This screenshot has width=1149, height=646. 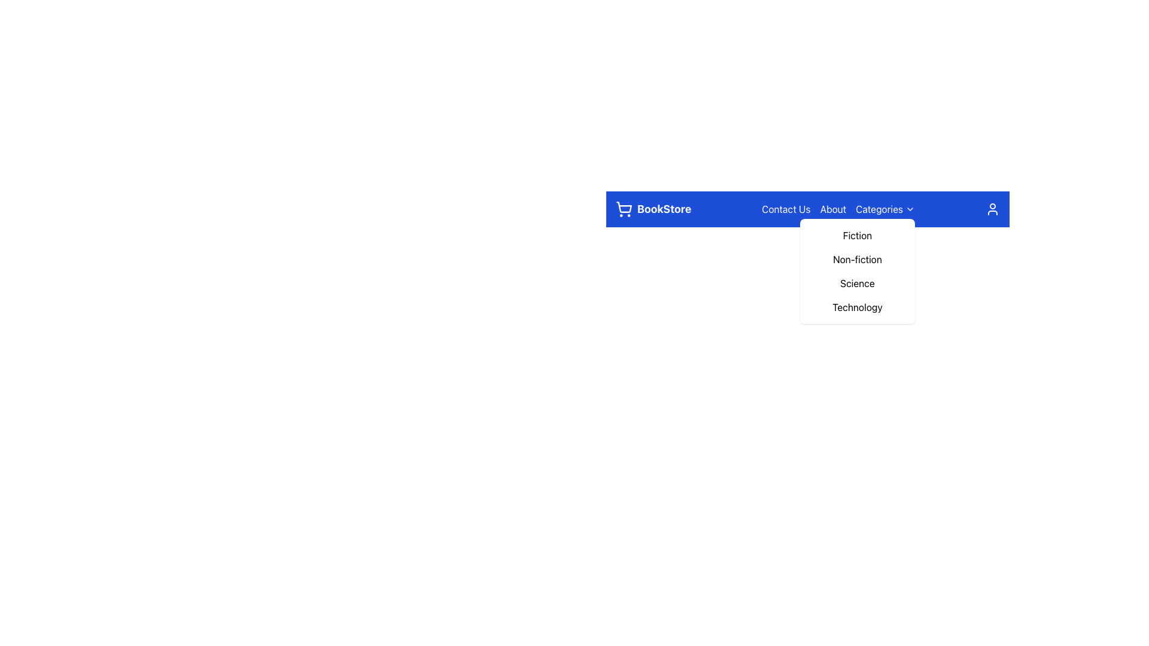 What do you see at coordinates (910, 209) in the screenshot?
I see `the downward-facing chevron icon next to the 'Categories' label in the navigation bar for accessibility features` at bounding box center [910, 209].